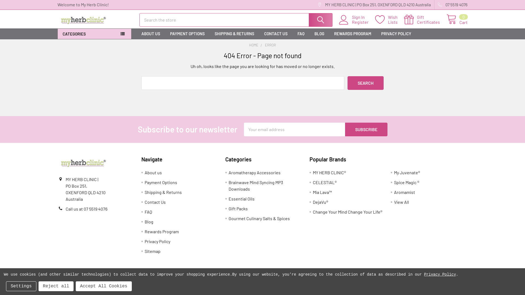 Image resolution: width=525 pixels, height=295 pixels. I want to click on 'SHIPPING & RETURNS', so click(234, 34).